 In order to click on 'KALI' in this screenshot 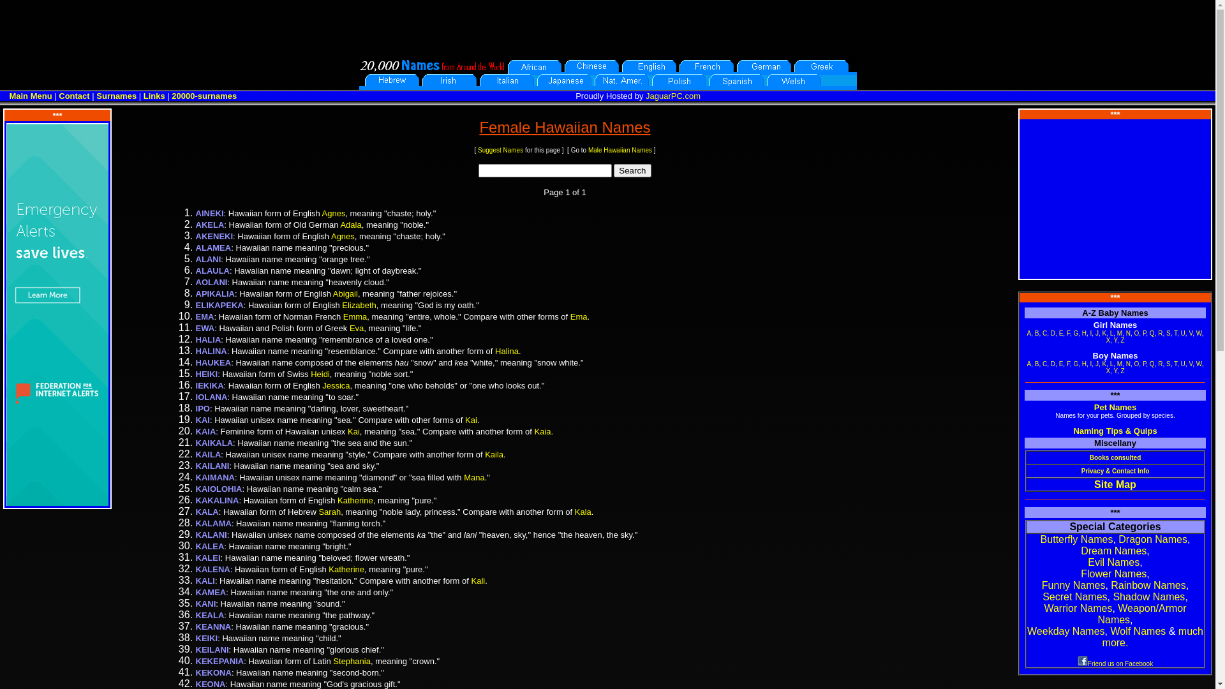, I will do `click(195, 581)`.